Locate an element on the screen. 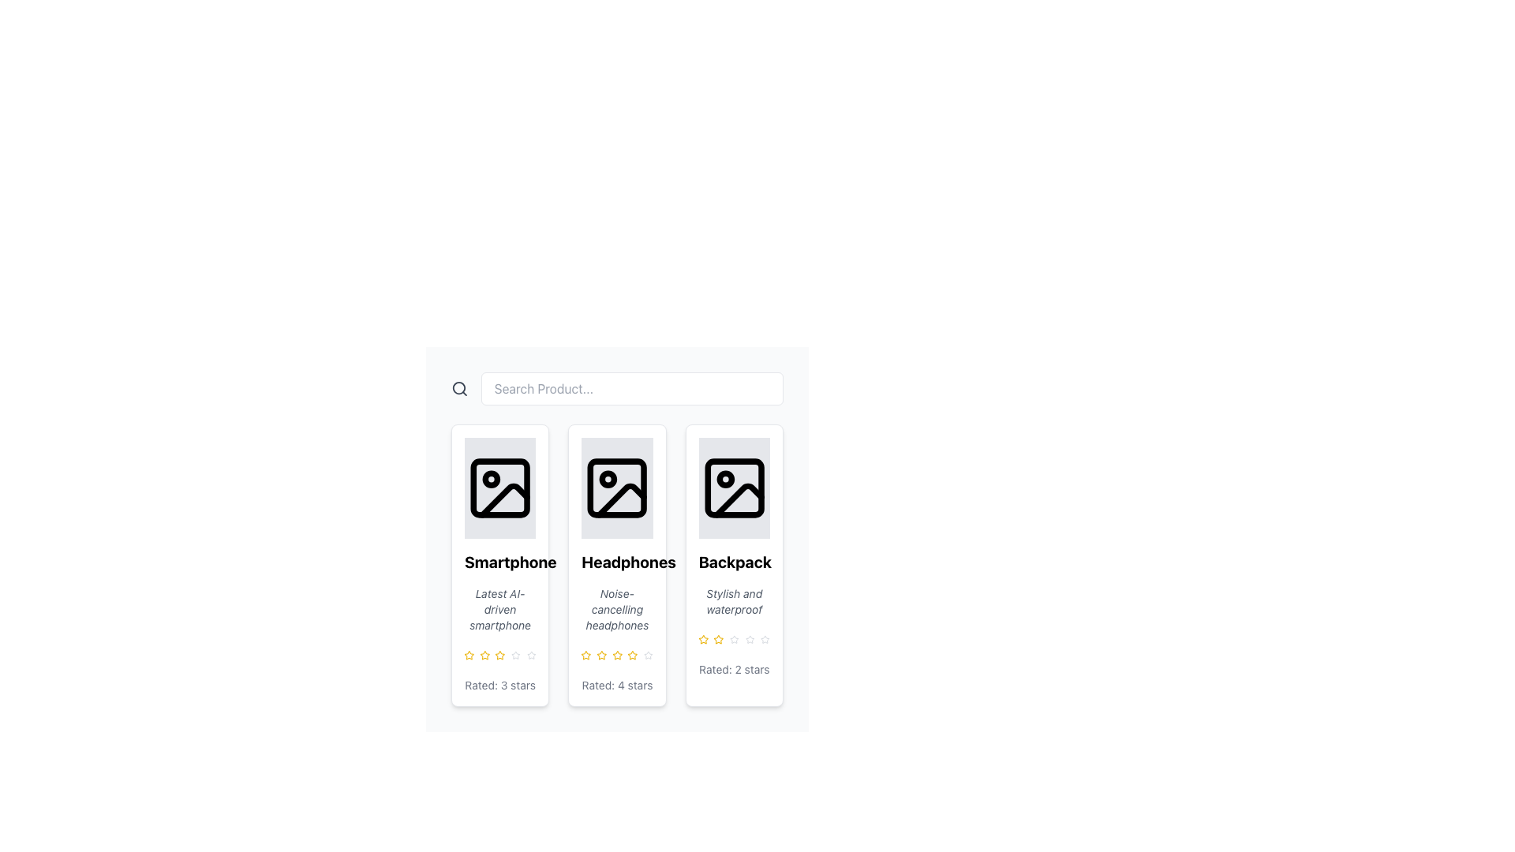 The height and width of the screenshot is (852, 1515). the fourth star rating icon in the rating system for the 'Smartphone' product is located at coordinates (499, 655).